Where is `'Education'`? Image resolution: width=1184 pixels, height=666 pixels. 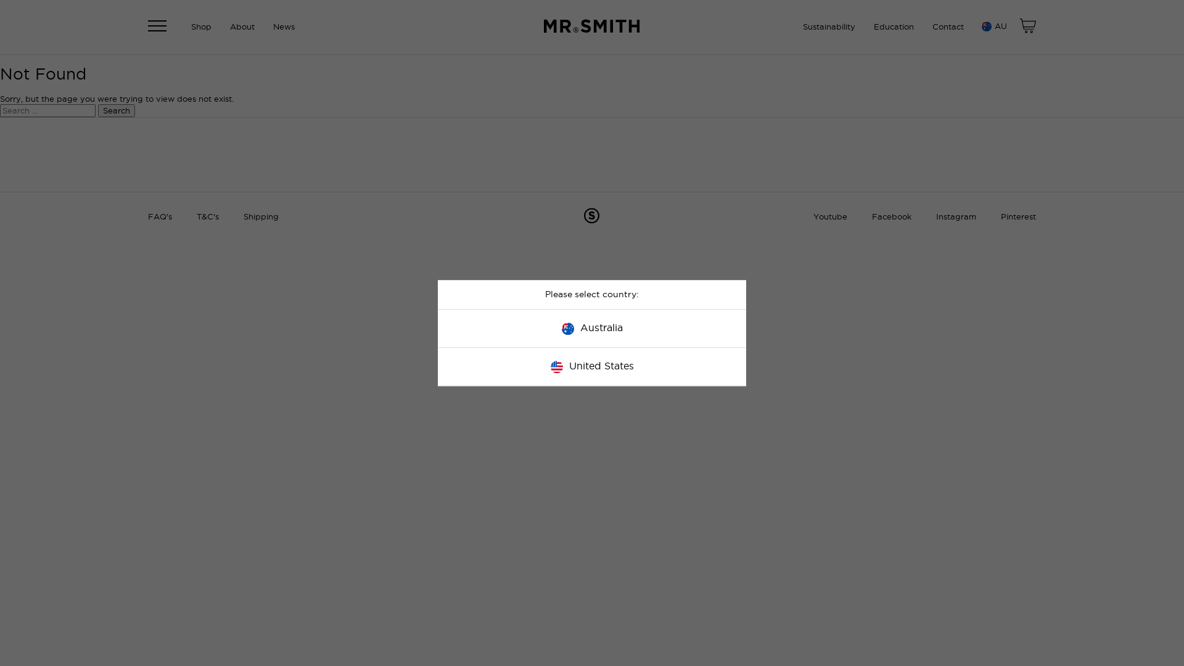 'Education' is located at coordinates (894, 27).